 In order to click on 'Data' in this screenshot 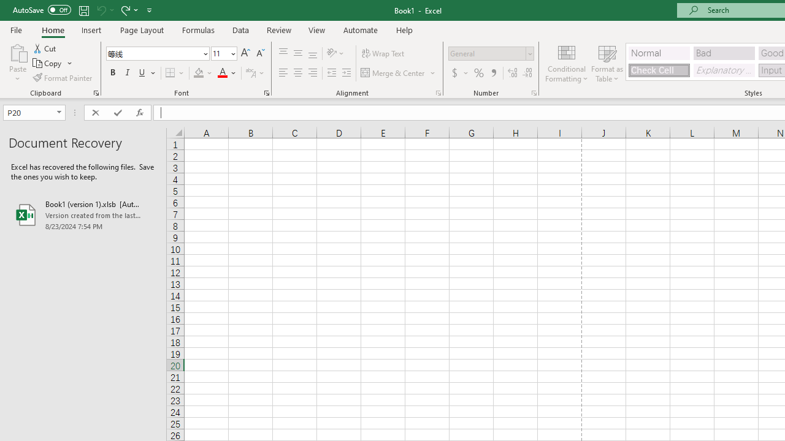, I will do `click(240, 29)`.